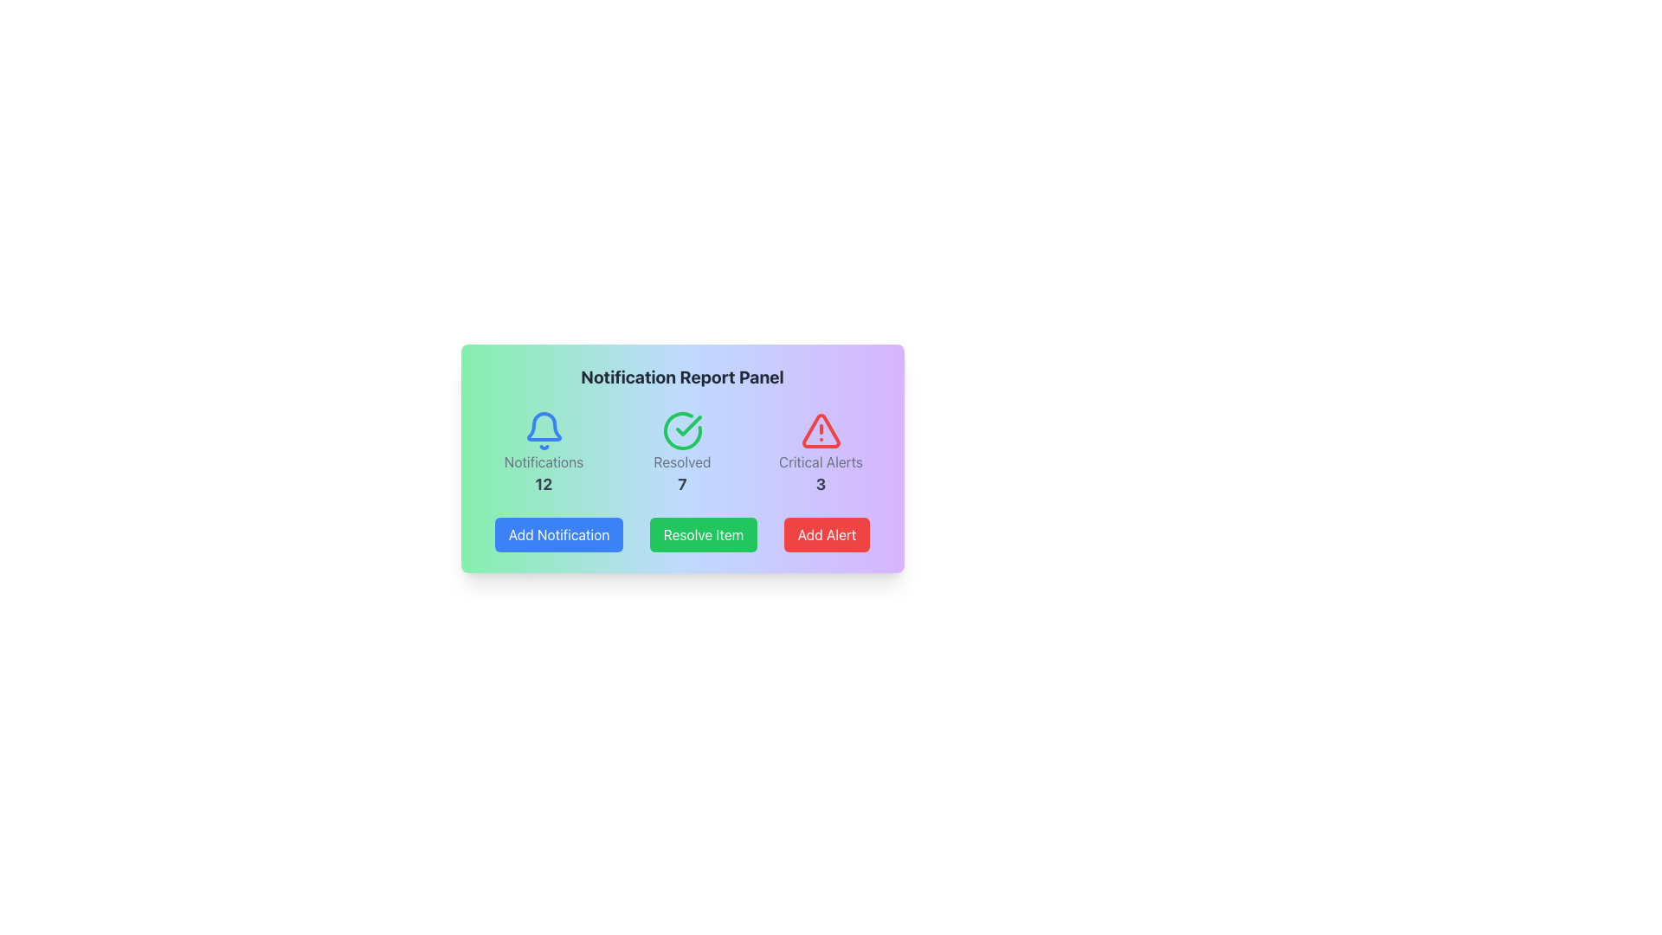 This screenshot has height=935, width=1662. Describe the element at coordinates (681, 461) in the screenshot. I see `the text label displaying 'Resolved' in gray color, which is located below a green checkmark icon and above the number '7' in the middle section of a horizontally aligned panel` at that location.